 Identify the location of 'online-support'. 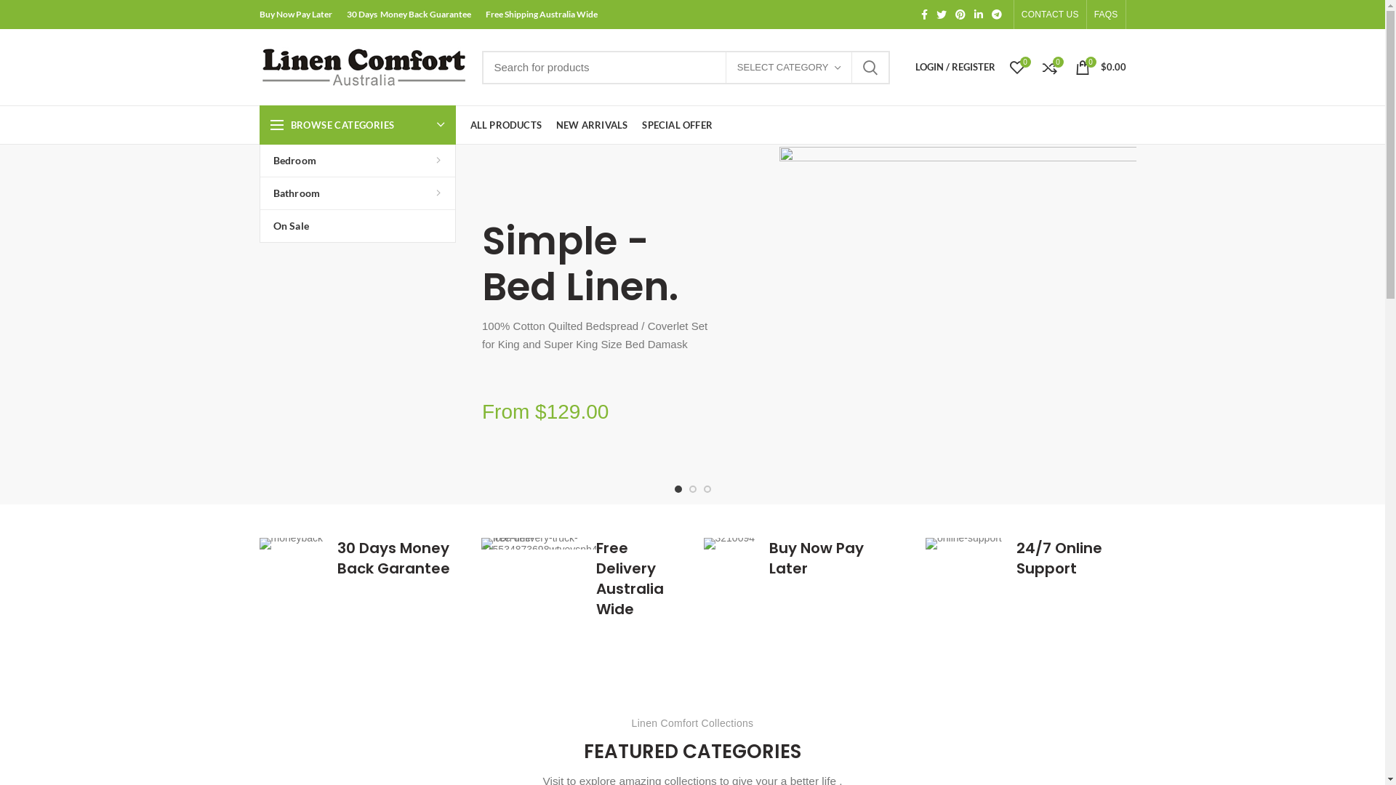
(963, 544).